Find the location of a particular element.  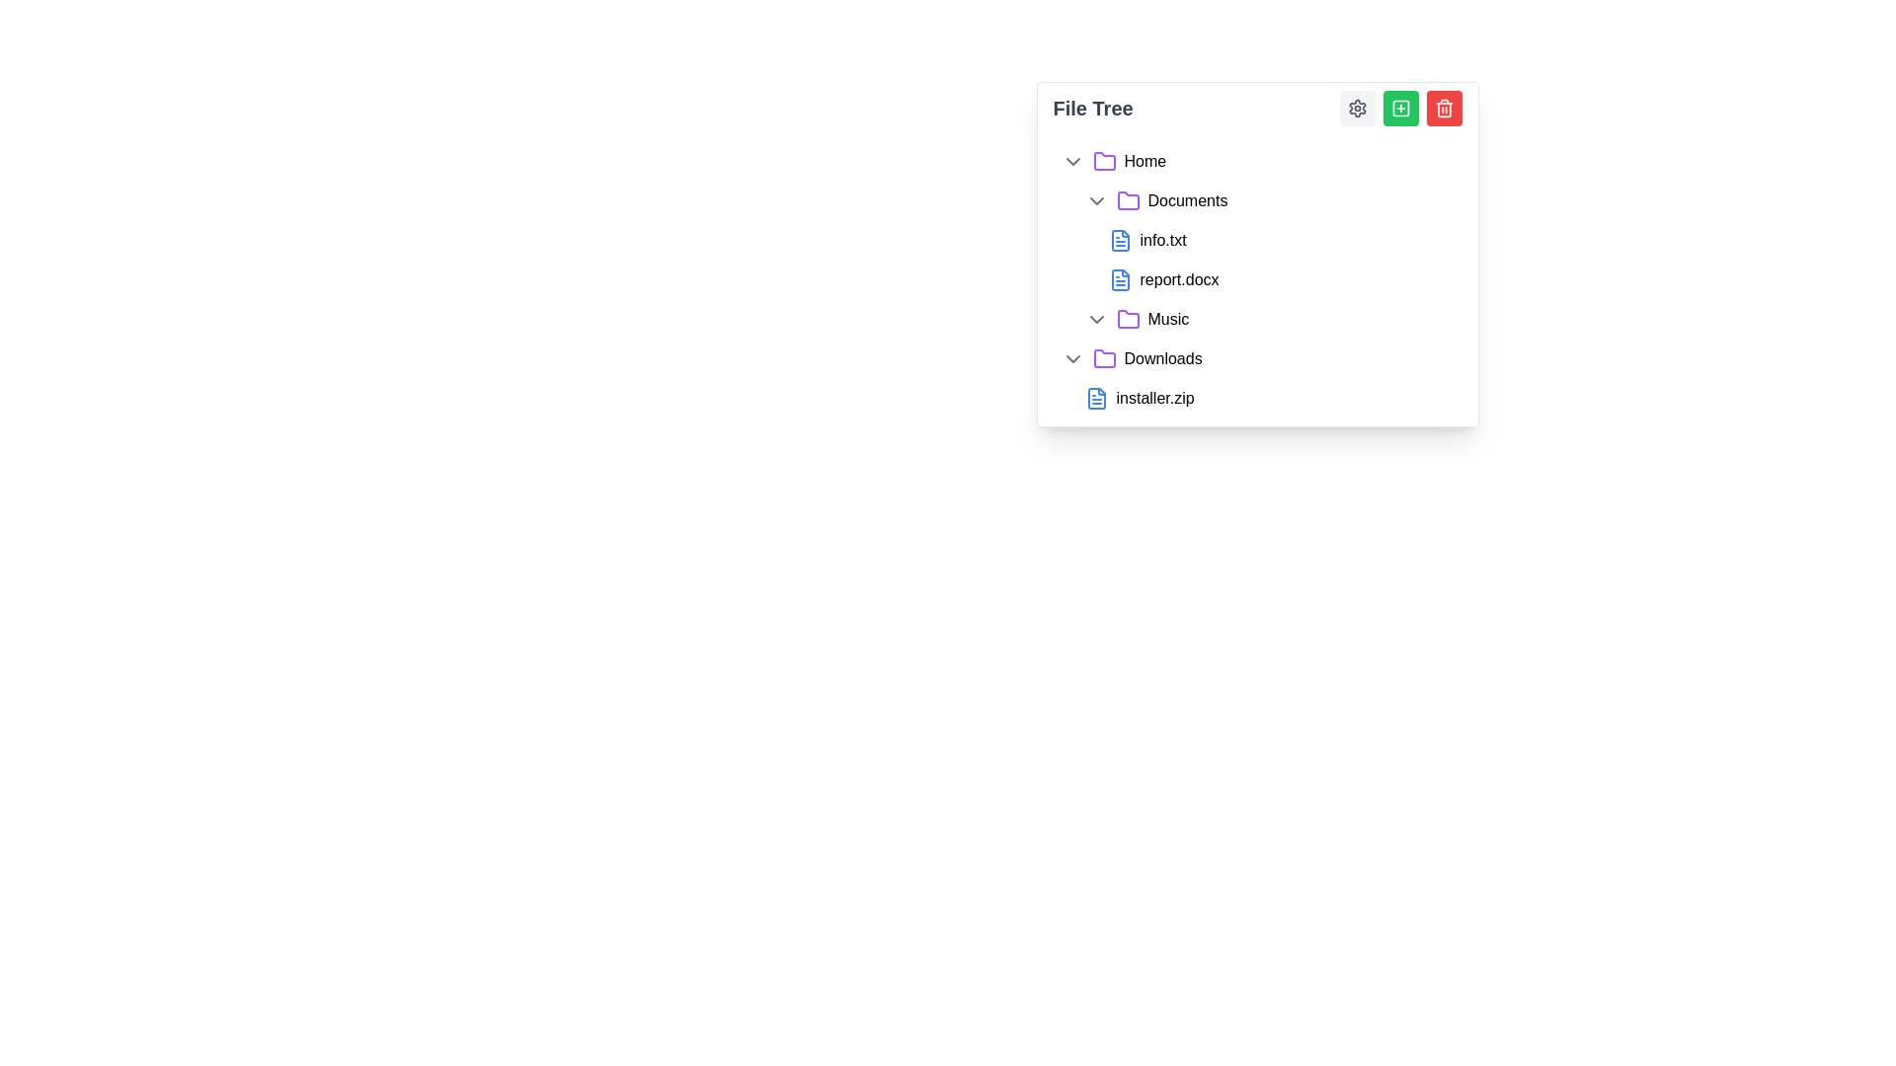

the settings button located at the first position in a row of three buttons in the top right corner of the file tree widget is located at coordinates (1356, 109).